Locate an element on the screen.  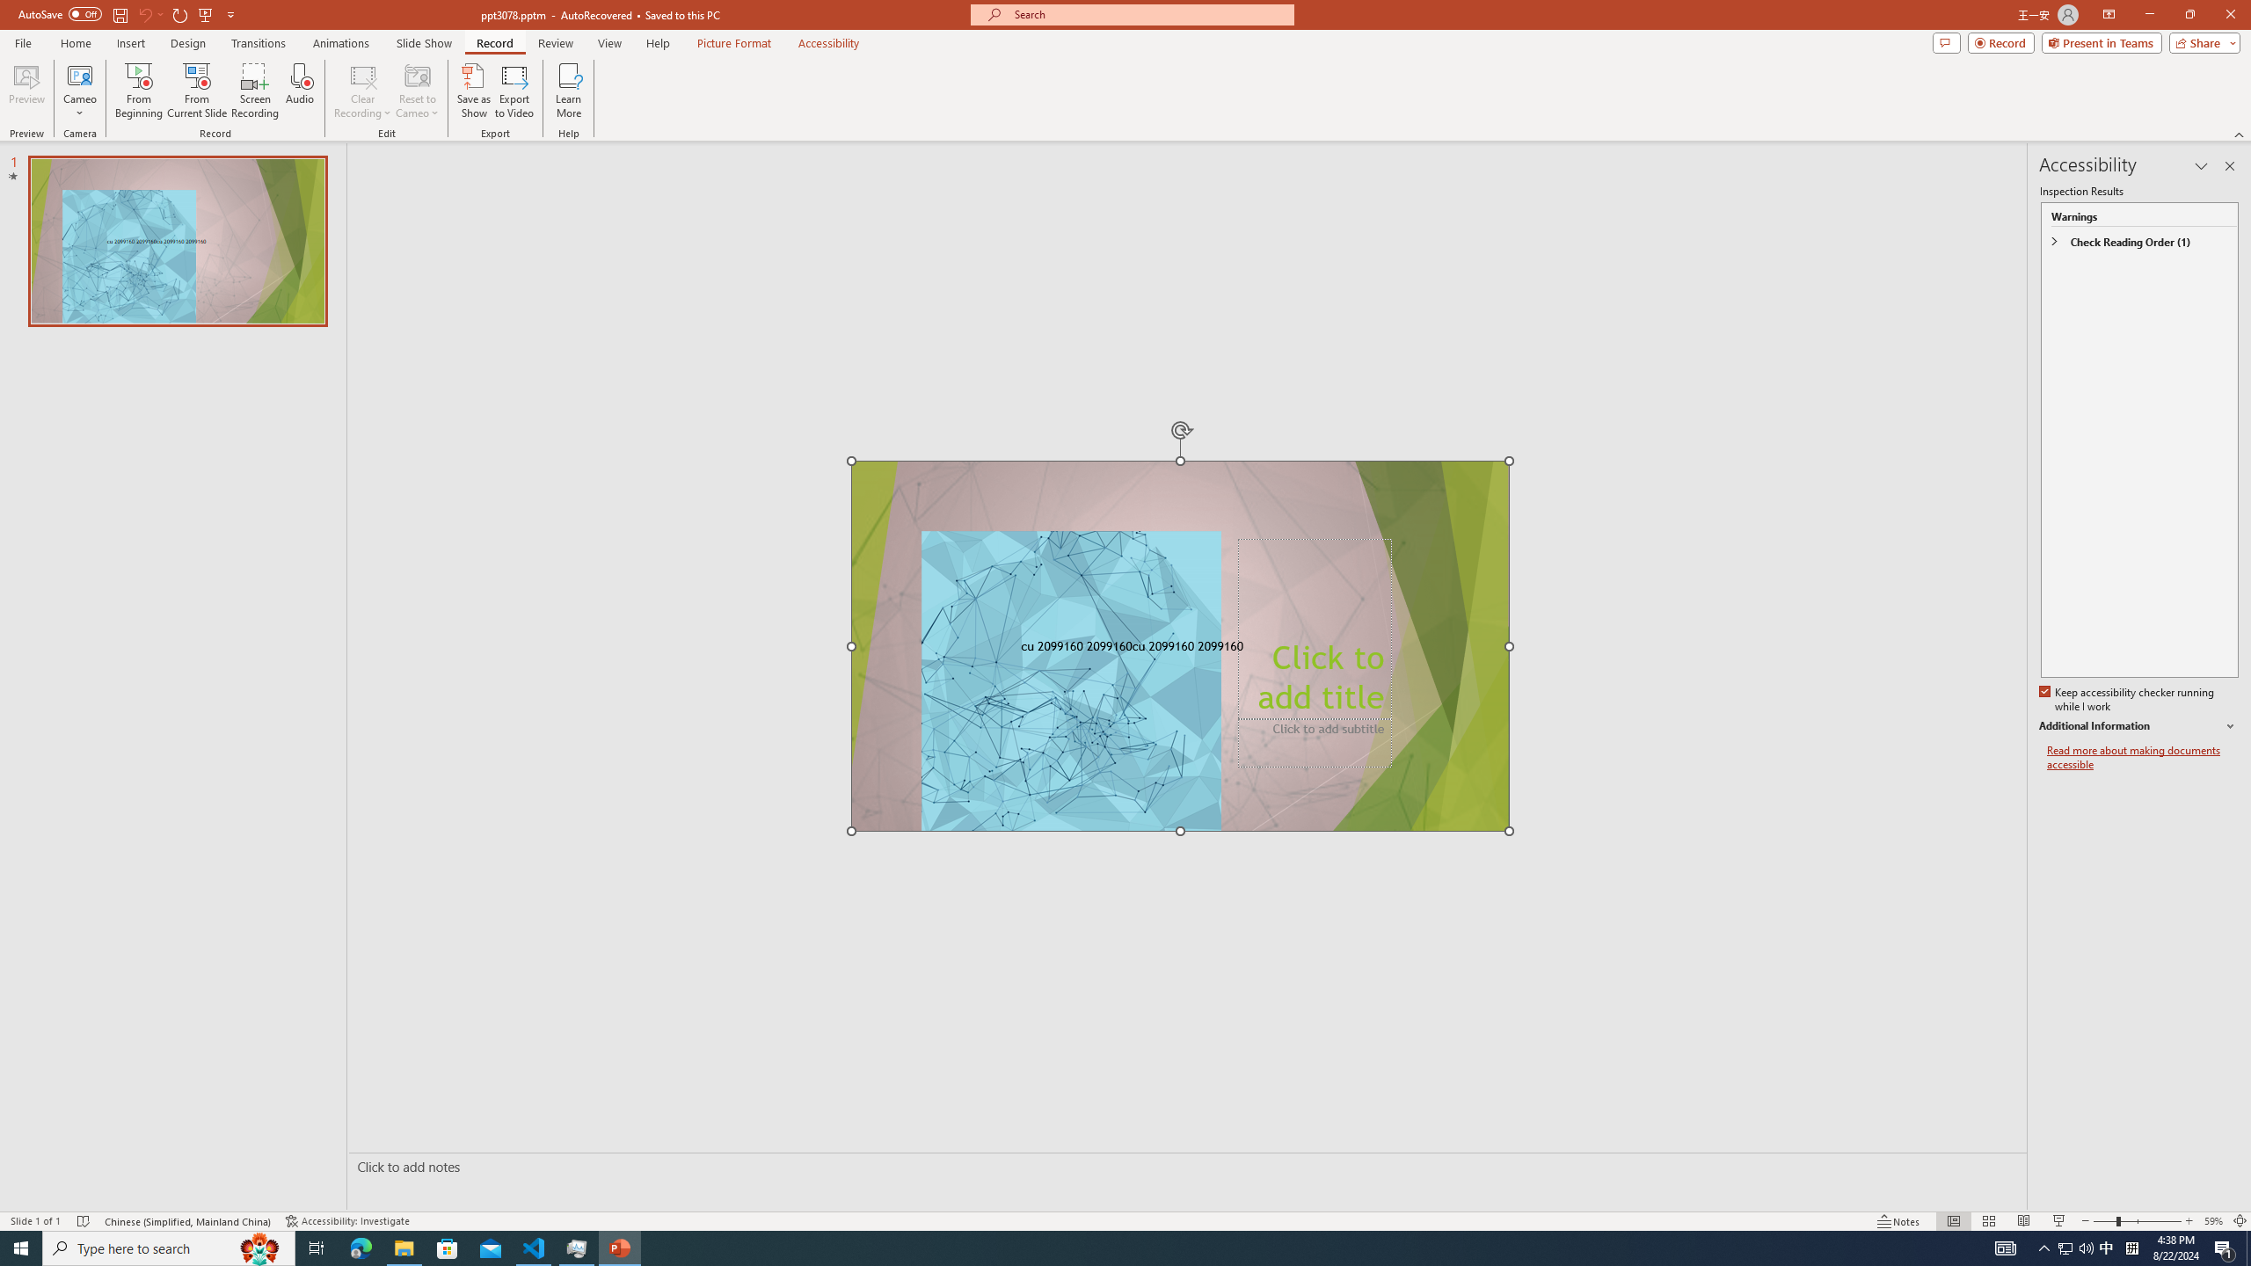
'Learn More' is located at coordinates (569, 91).